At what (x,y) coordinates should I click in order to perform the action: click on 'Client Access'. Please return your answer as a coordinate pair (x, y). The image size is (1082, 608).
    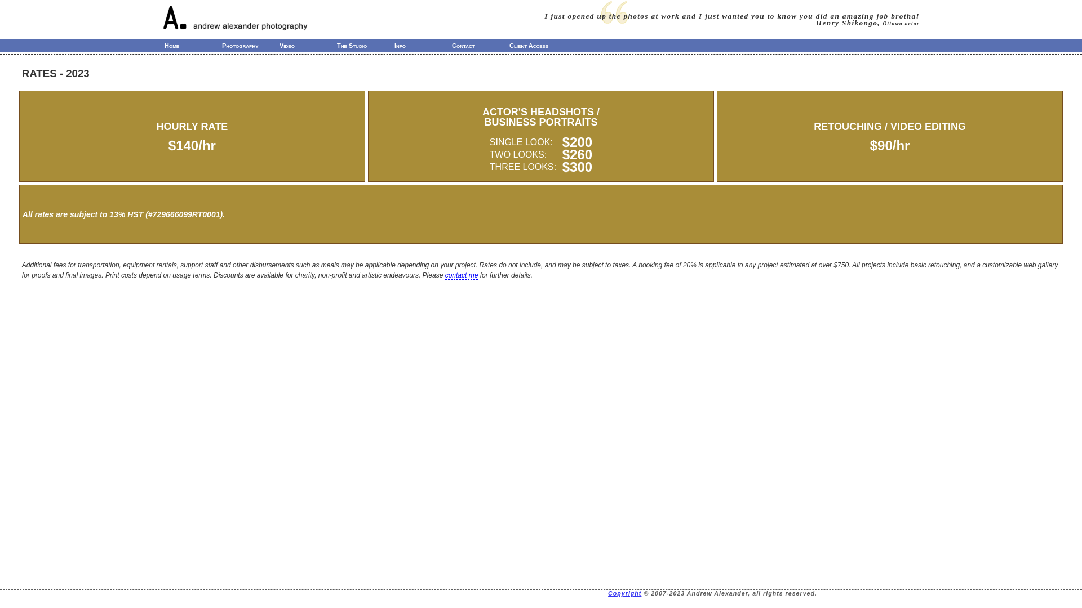
    Looking at the image, I should click on (538, 45).